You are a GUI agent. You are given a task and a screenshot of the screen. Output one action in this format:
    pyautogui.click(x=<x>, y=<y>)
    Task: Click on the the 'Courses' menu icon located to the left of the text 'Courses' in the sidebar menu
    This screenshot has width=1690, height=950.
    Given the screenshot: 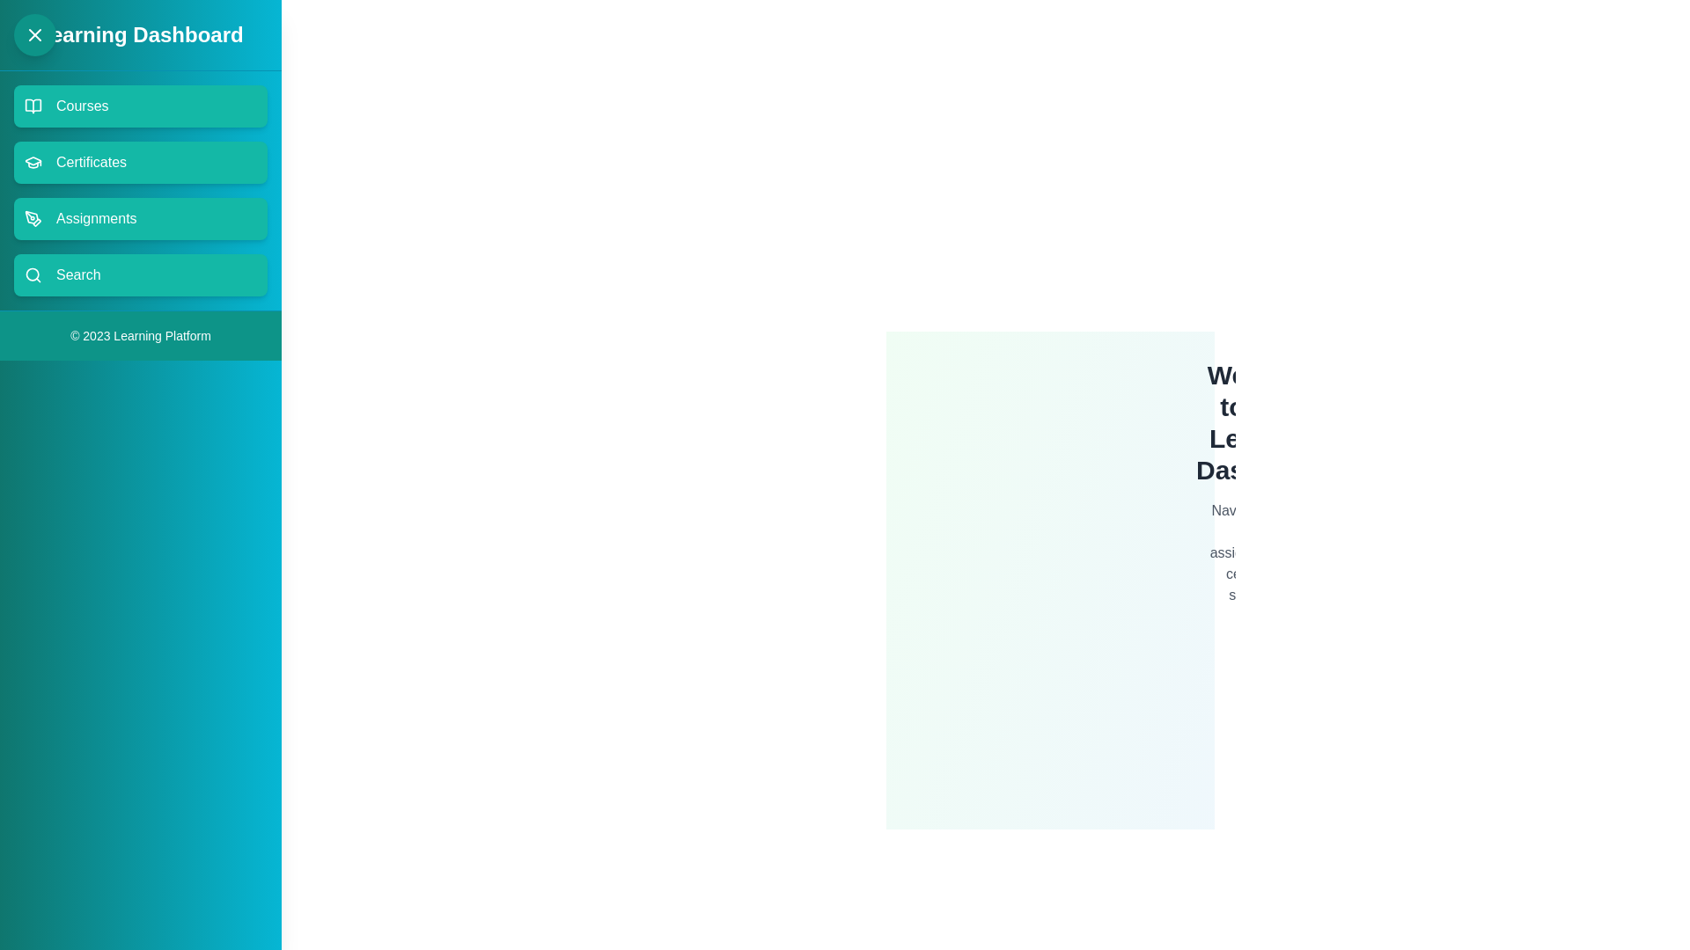 What is the action you would take?
    pyautogui.click(x=33, y=106)
    